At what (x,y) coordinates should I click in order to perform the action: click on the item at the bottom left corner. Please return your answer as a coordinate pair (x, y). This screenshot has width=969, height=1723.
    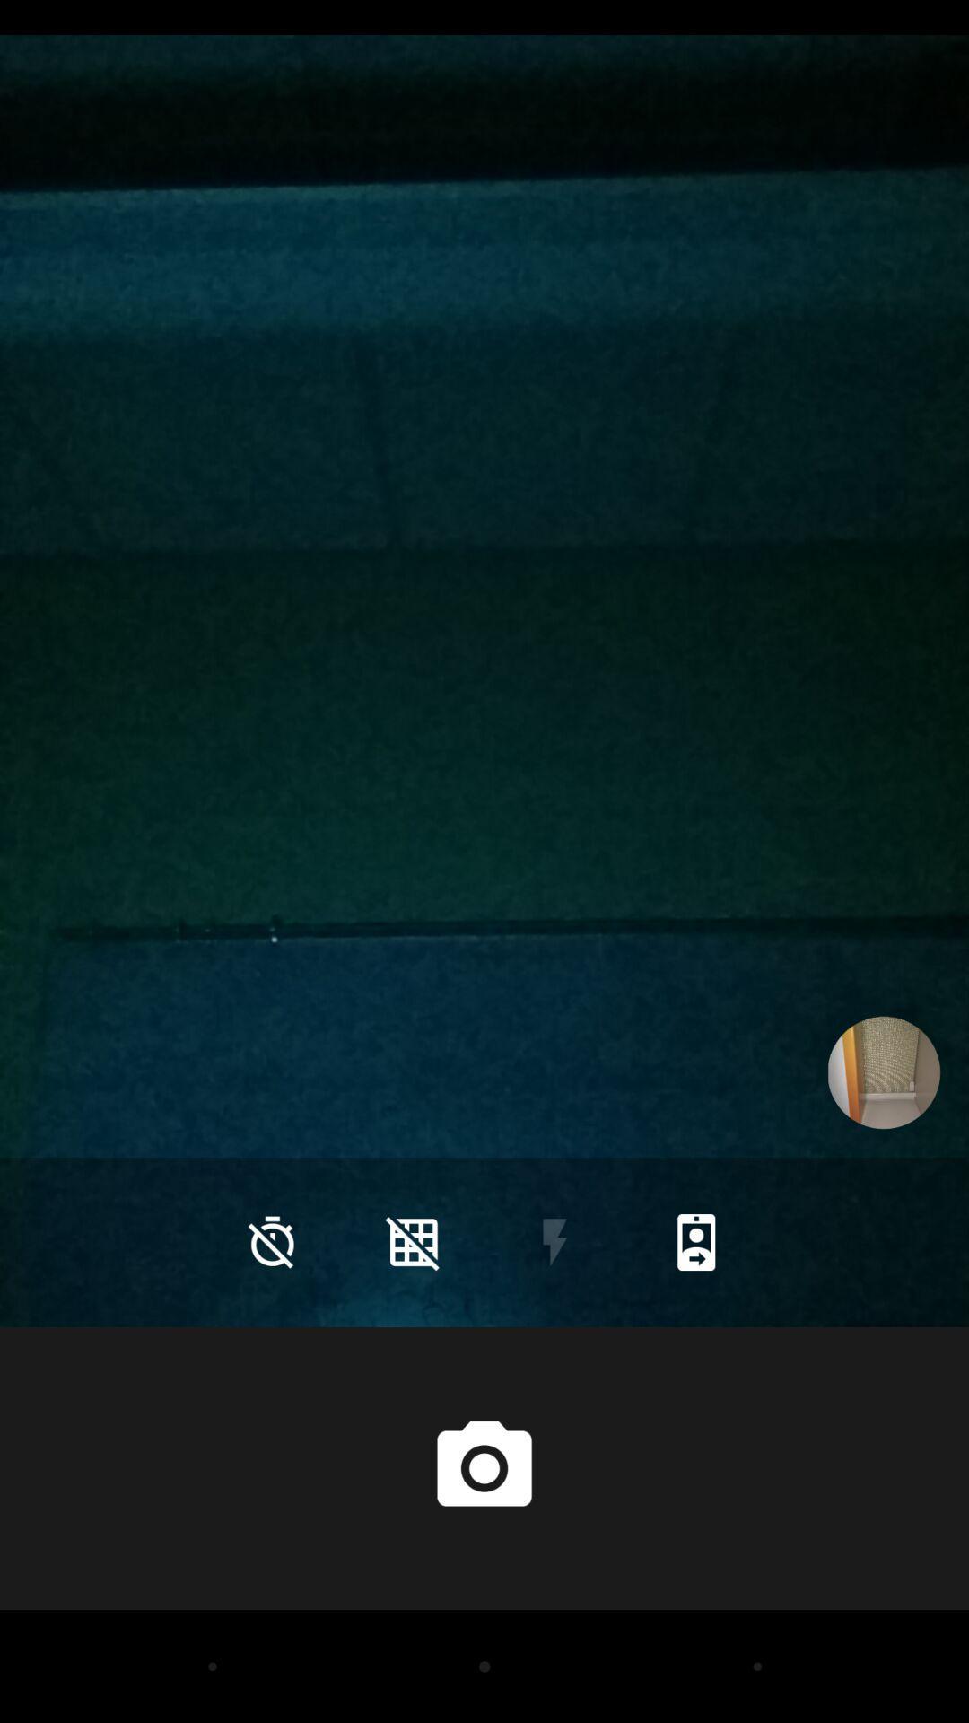
    Looking at the image, I should click on (272, 1241).